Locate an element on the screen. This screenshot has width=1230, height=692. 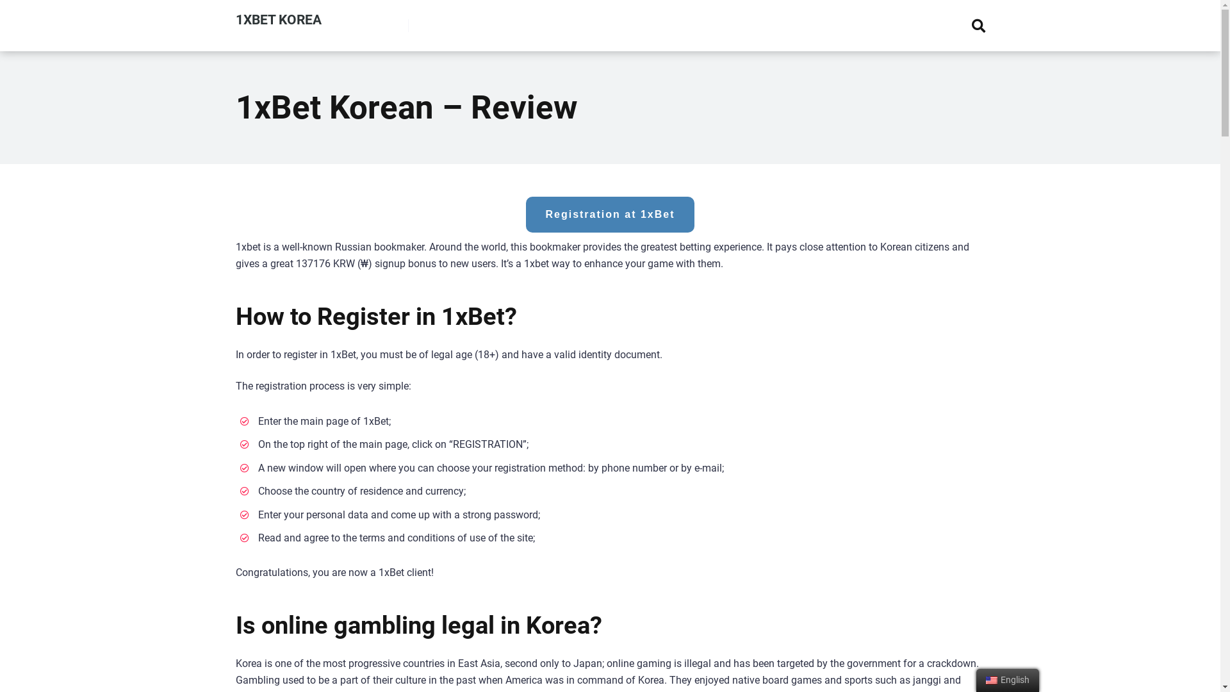
'English' is located at coordinates (990, 679).